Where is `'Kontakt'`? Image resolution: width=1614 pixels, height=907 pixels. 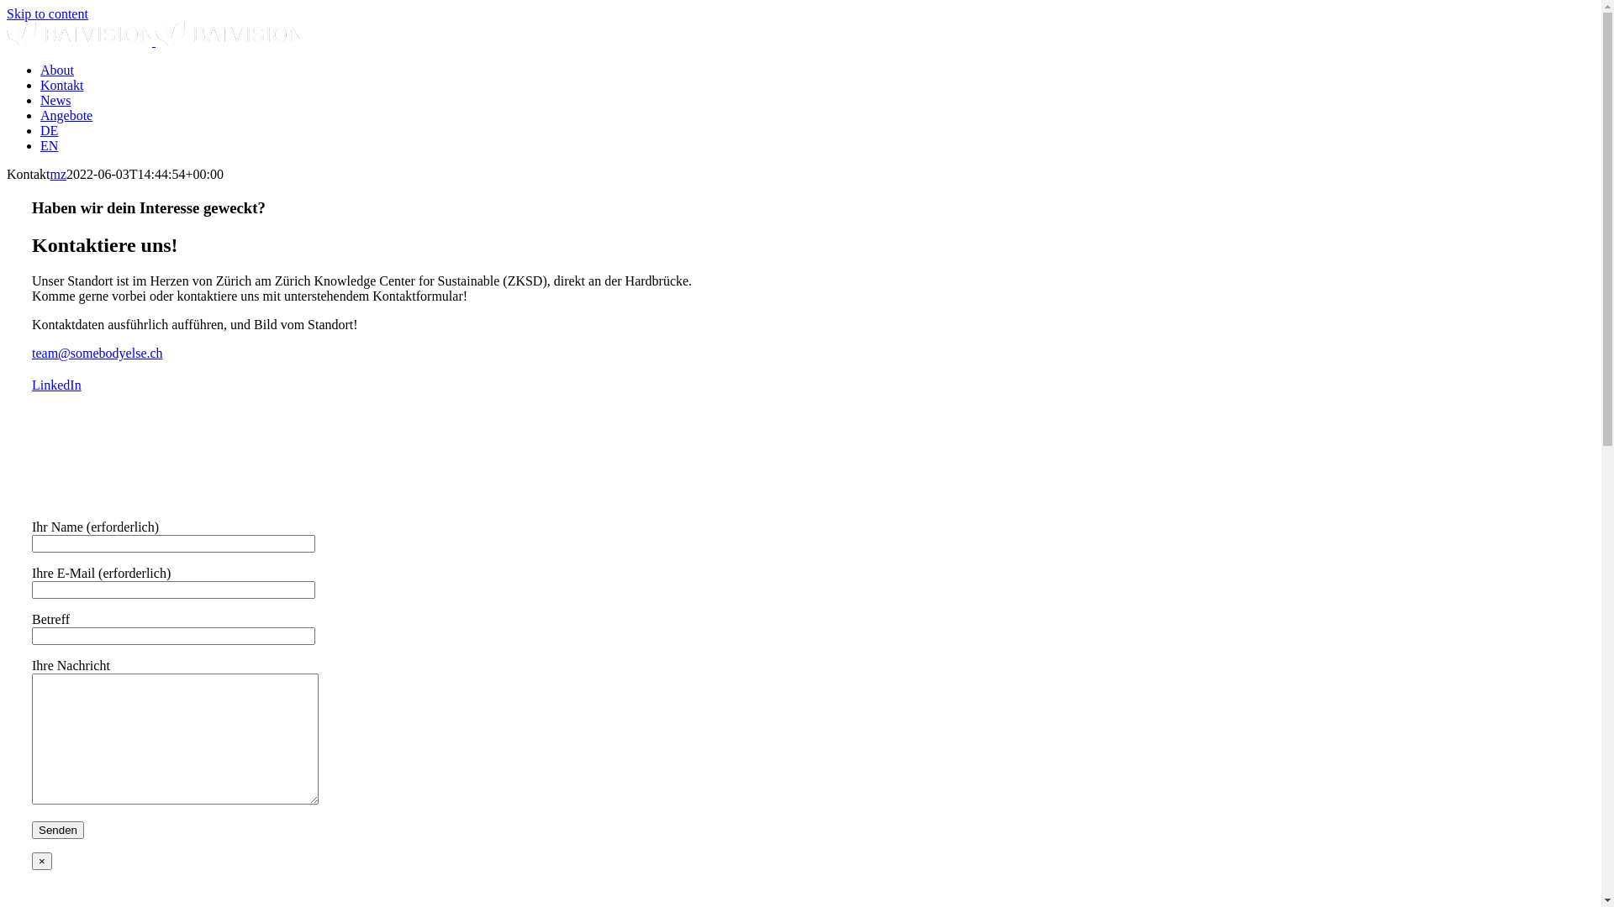
'Kontakt' is located at coordinates (61, 85).